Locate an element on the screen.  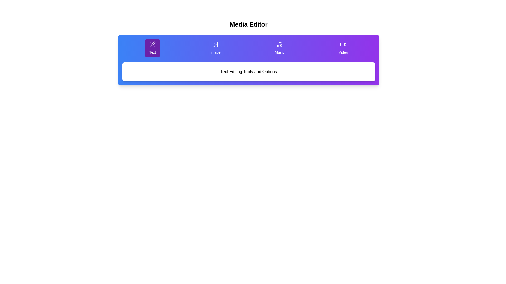
the SVG graphical element representing the 'Image' button icon in the toolbar, which is part of the icon's visual representation is located at coordinates (215, 44).